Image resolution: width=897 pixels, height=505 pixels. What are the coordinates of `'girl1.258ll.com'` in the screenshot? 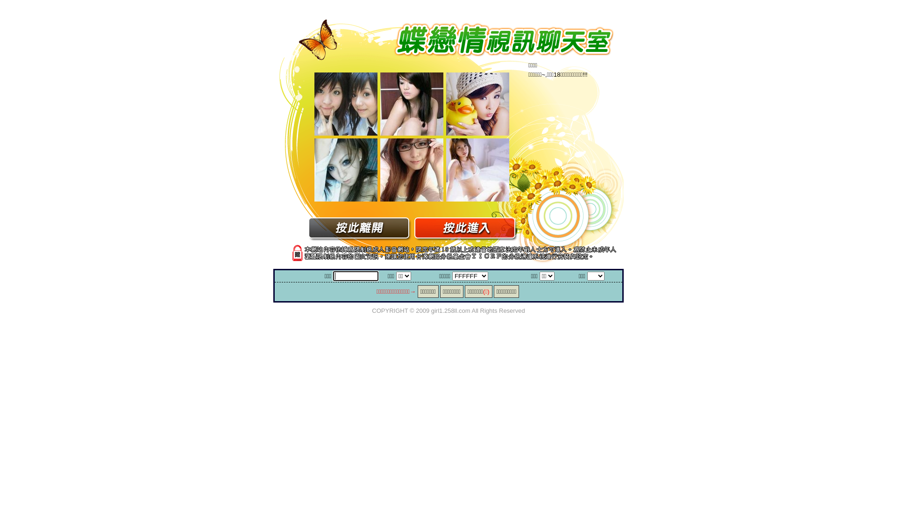 It's located at (430, 310).